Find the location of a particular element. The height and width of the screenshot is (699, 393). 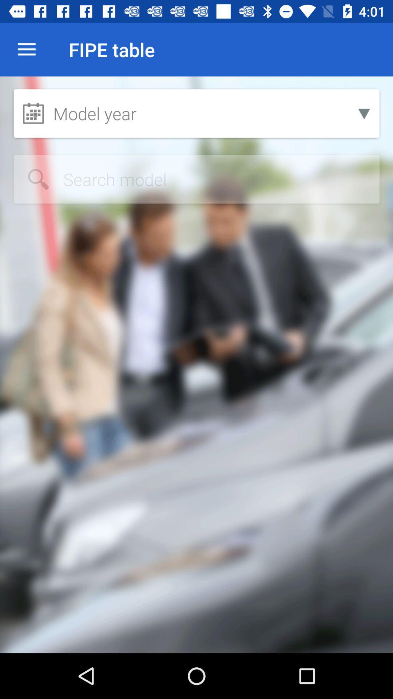

icon next to the fipe table is located at coordinates (26, 49).